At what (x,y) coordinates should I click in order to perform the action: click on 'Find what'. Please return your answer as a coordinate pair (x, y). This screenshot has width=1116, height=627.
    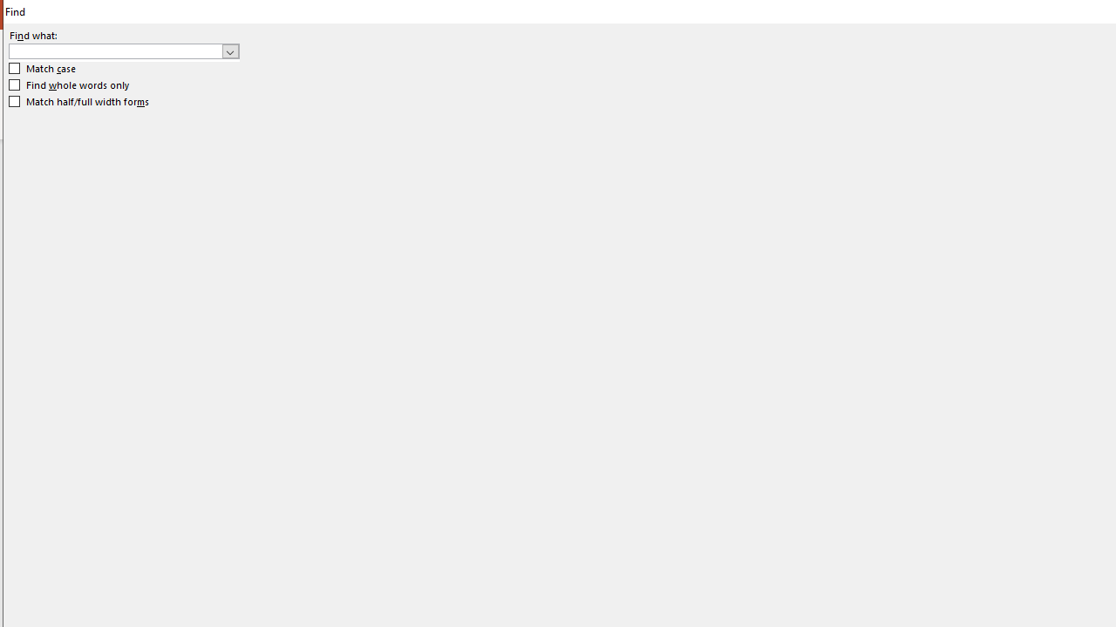
    Looking at the image, I should click on (123, 50).